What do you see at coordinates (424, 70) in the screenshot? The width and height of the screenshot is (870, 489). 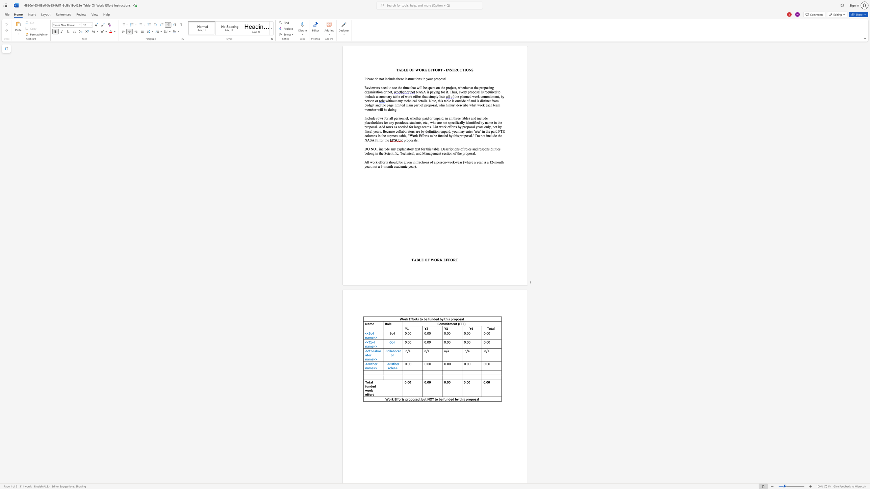 I see `the subset text "K EFFORT - INSTRUCTI" within the text "TABLE OF WORK EFFORT - INSTRUCTIONS"` at bounding box center [424, 70].